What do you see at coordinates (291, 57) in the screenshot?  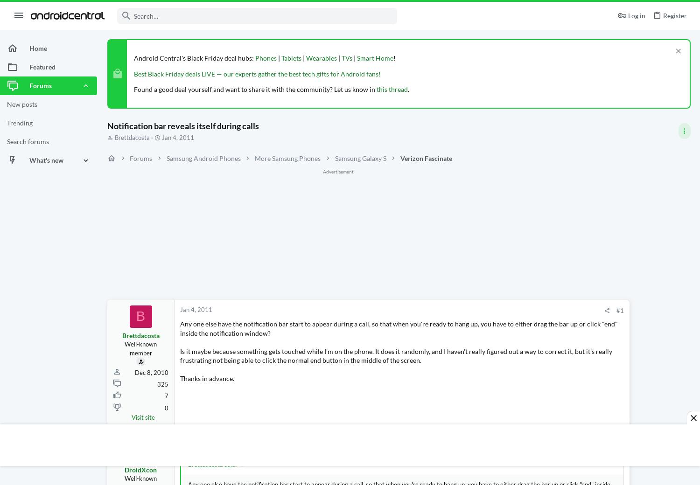 I see `'Tablets'` at bounding box center [291, 57].